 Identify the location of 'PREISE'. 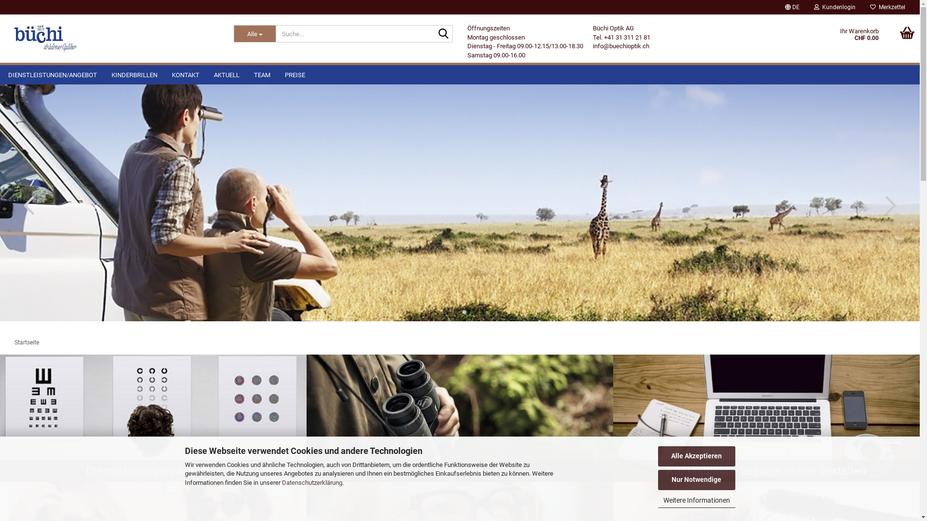
(294, 74).